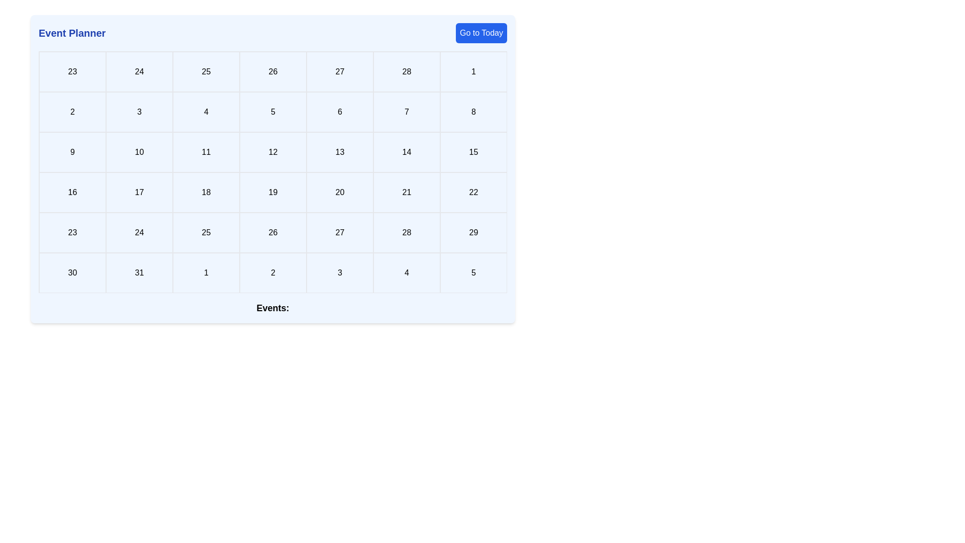 Image resolution: width=965 pixels, height=543 pixels. I want to click on the calendar day cell representing the 23rd day, so click(72, 232).